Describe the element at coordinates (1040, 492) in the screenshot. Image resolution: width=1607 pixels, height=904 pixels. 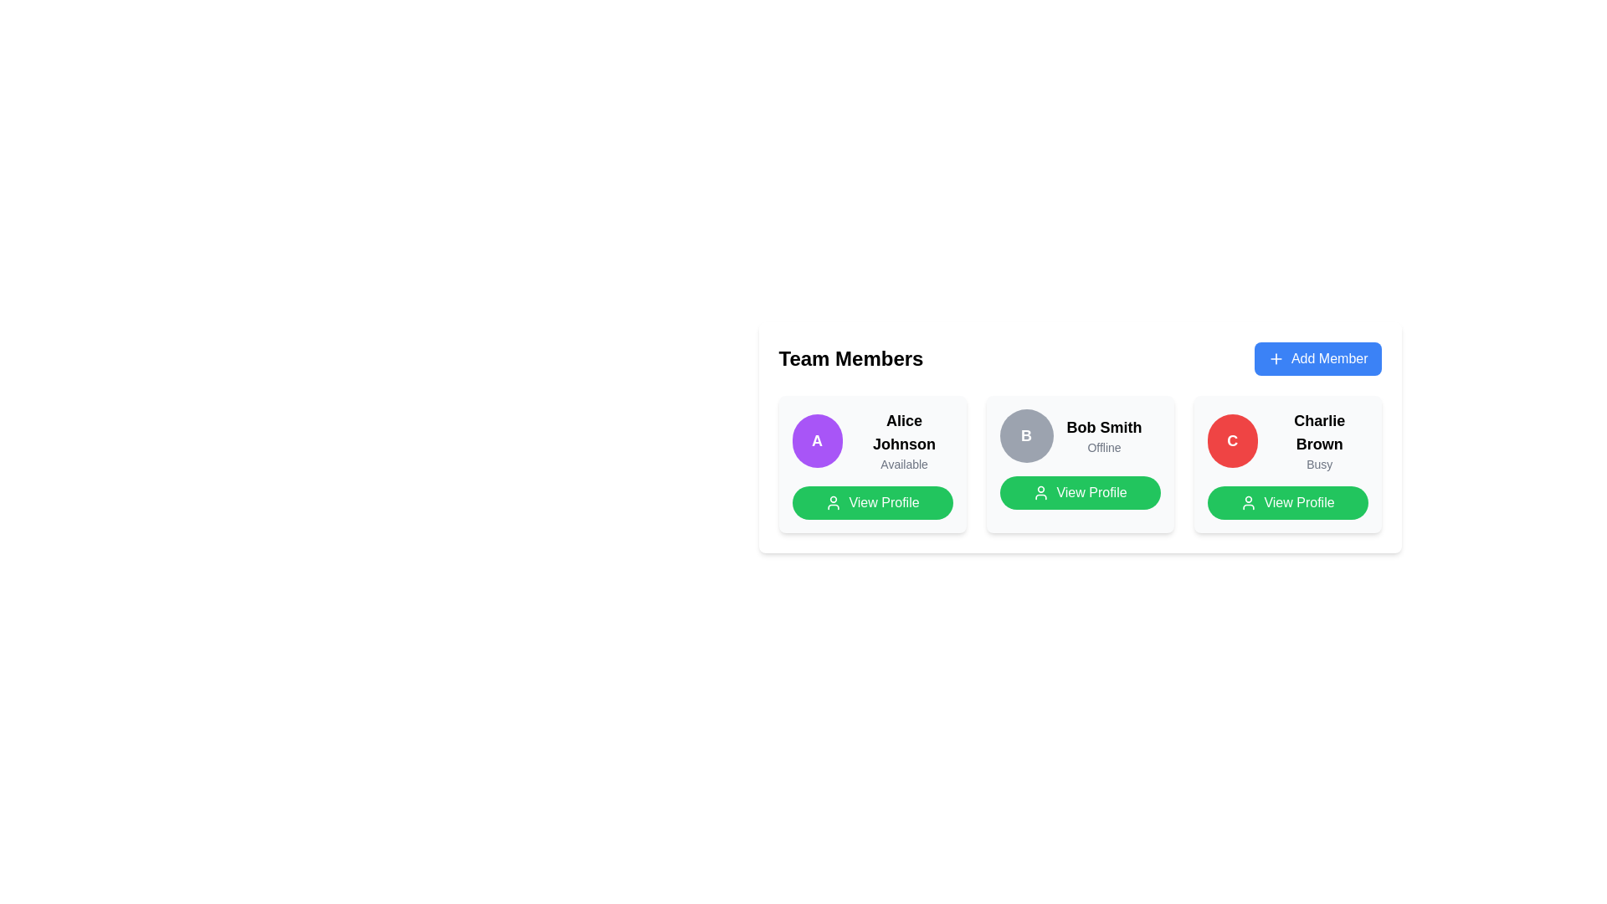
I see `the user profile icon located on the left side of the 'View Profile' button` at that location.